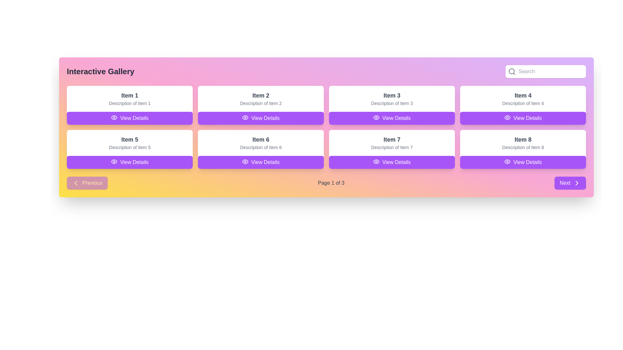 The width and height of the screenshot is (623, 350). What do you see at coordinates (100, 71) in the screenshot?
I see `text title located at the top-left section of the gallery interface, which serves as the main heading for the content below` at bounding box center [100, 71].